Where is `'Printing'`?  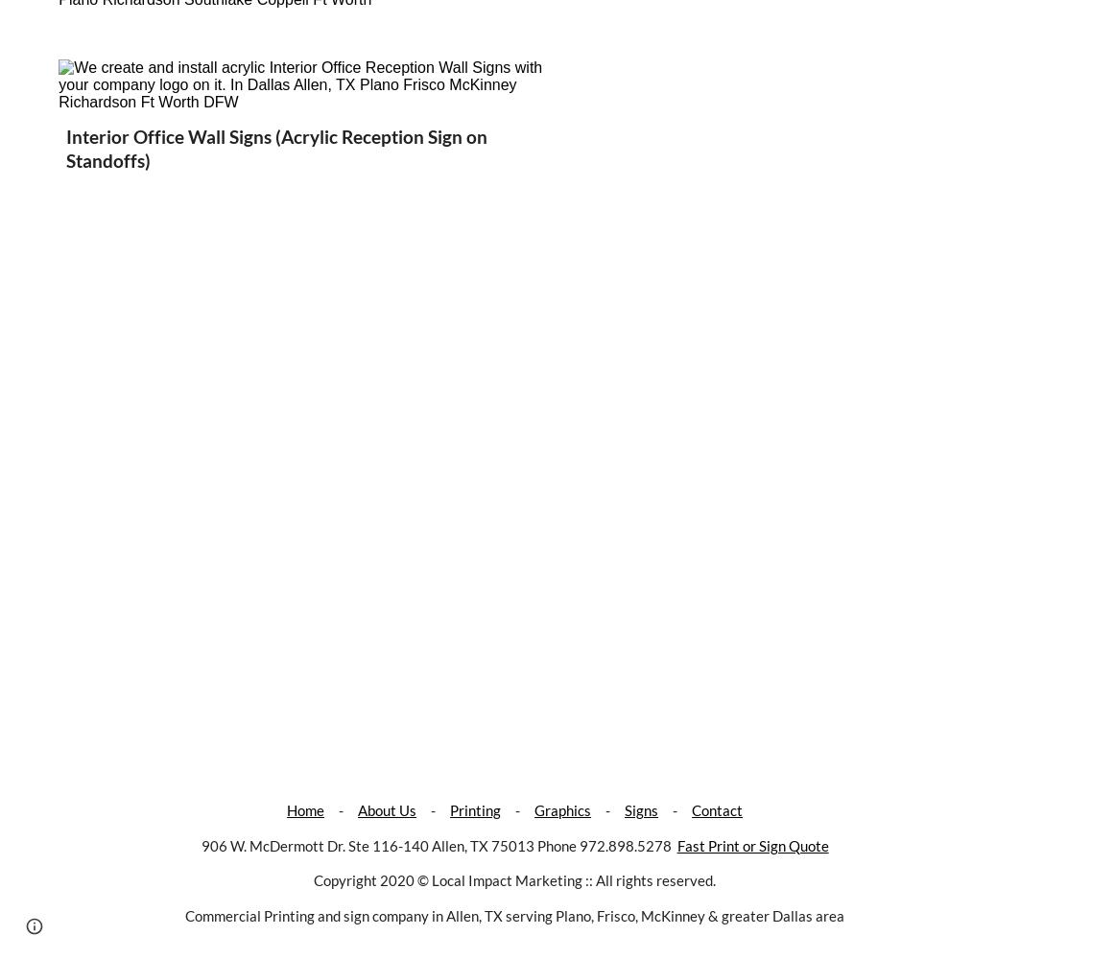
'Printing' is located at coordinates (474, 809).